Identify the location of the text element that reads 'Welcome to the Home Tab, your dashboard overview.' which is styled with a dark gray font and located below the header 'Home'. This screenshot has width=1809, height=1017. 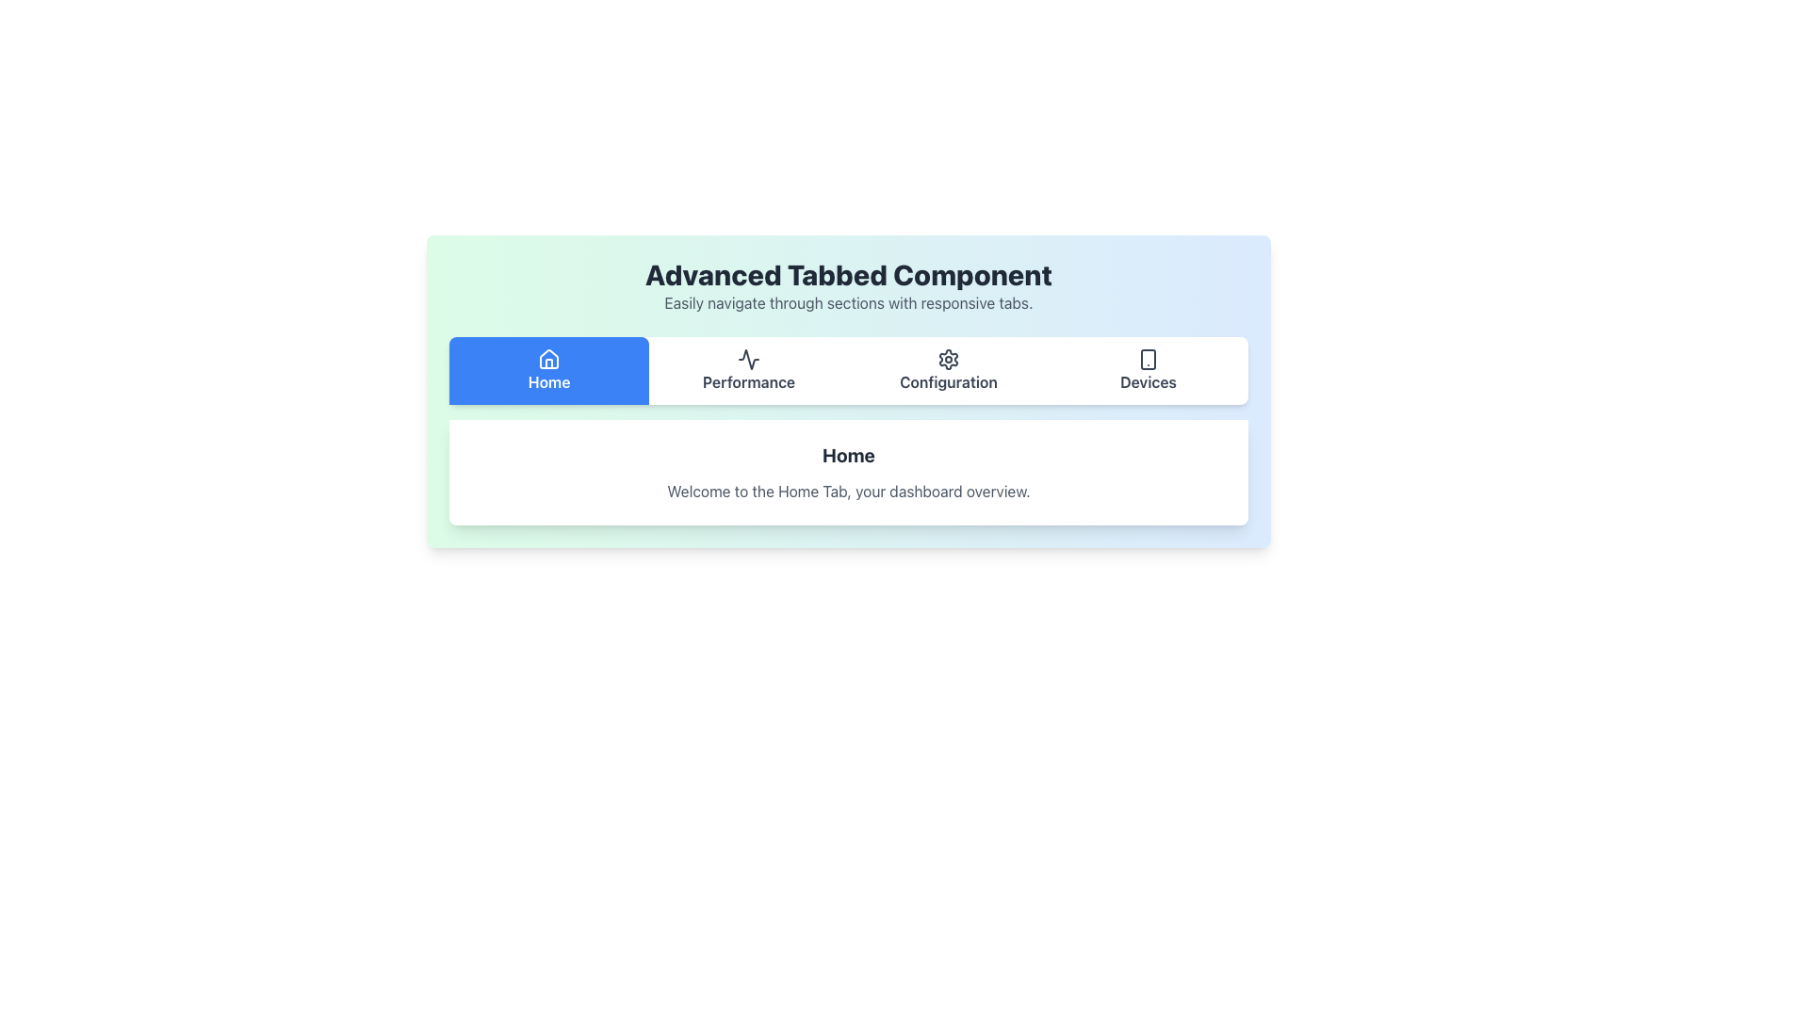
(848, 490).